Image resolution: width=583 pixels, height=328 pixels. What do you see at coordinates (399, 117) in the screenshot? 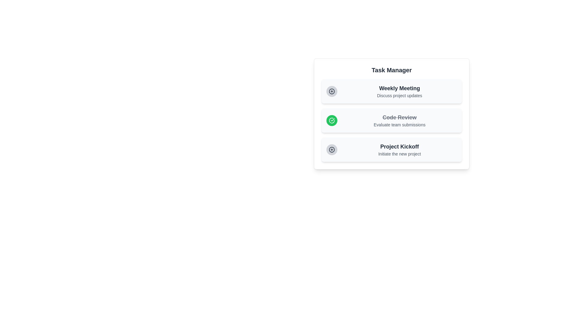
I see `the 'Code Review' text label` at bounding box center [399, 117].